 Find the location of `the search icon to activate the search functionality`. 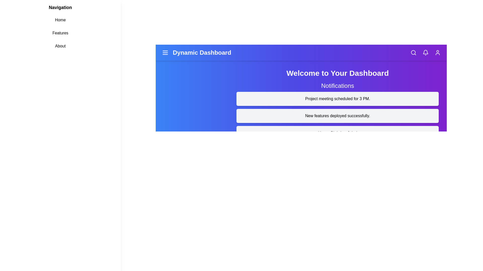

the search icon to activate the search functionality is located at coordinates (413, 52).